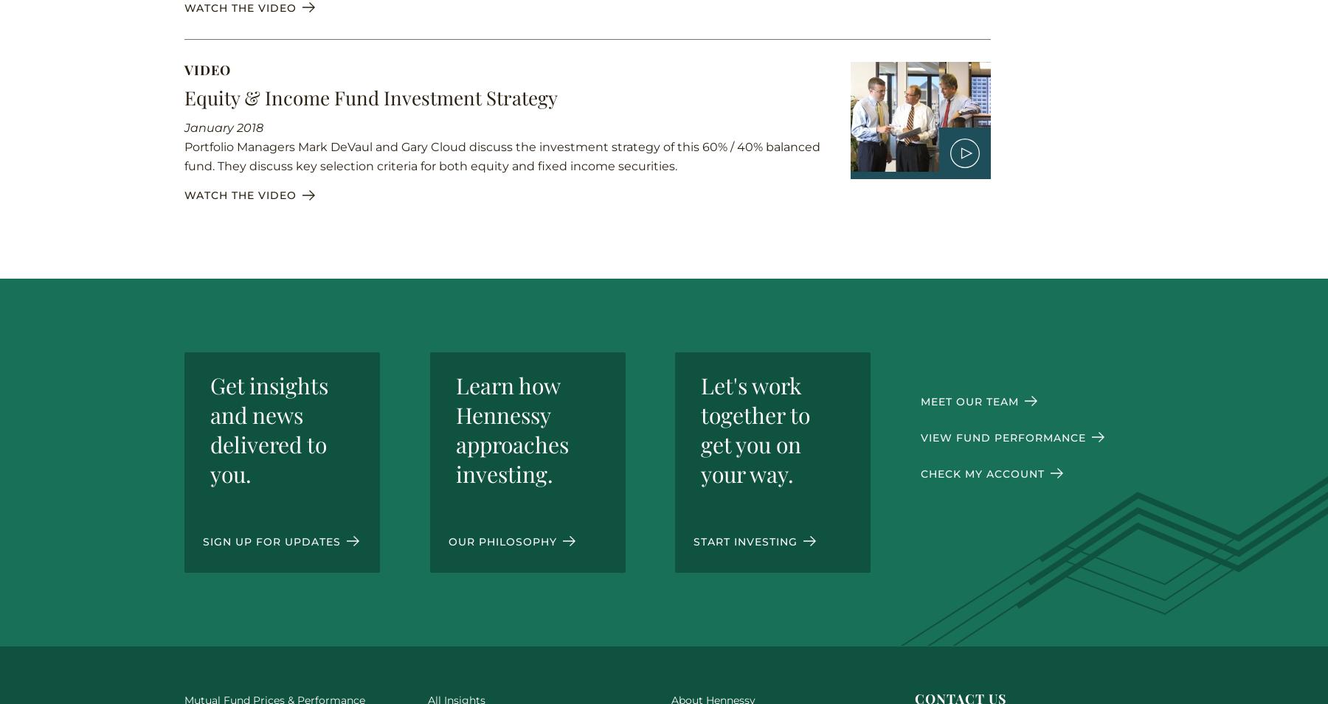 The image size is (1328, 704). I want to click on 'Sign up for updates', so click(273, 540).